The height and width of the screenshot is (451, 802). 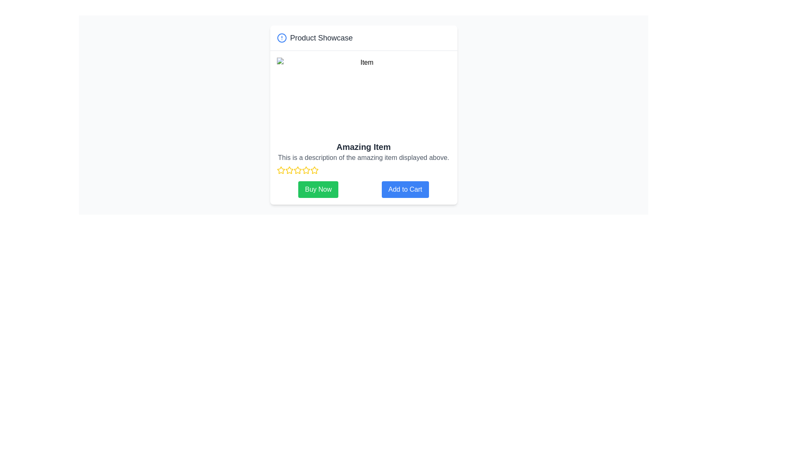 What do you see at coordinates (281, 170) in the screenshot?
I see `the first star icon in the rating system` at bounding box center [281, 170].